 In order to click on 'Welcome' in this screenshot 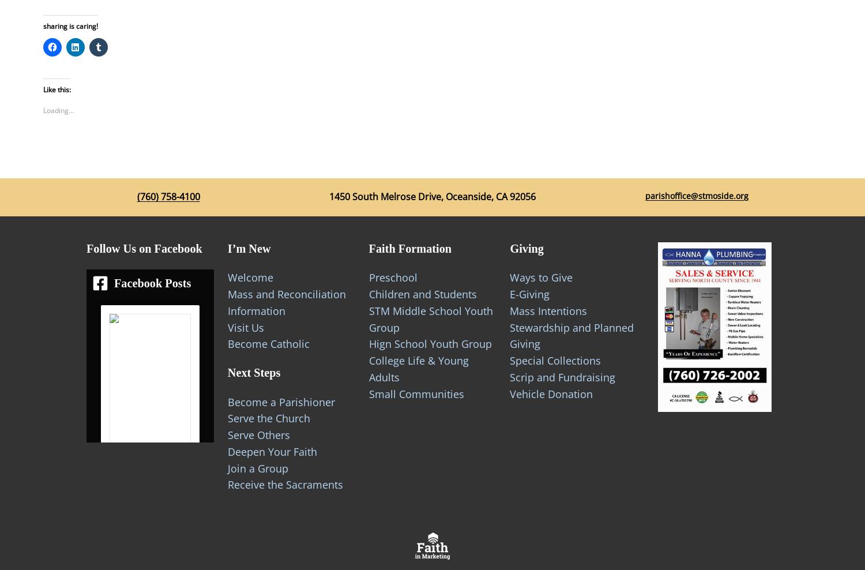, I will do `click(250, 277)`.